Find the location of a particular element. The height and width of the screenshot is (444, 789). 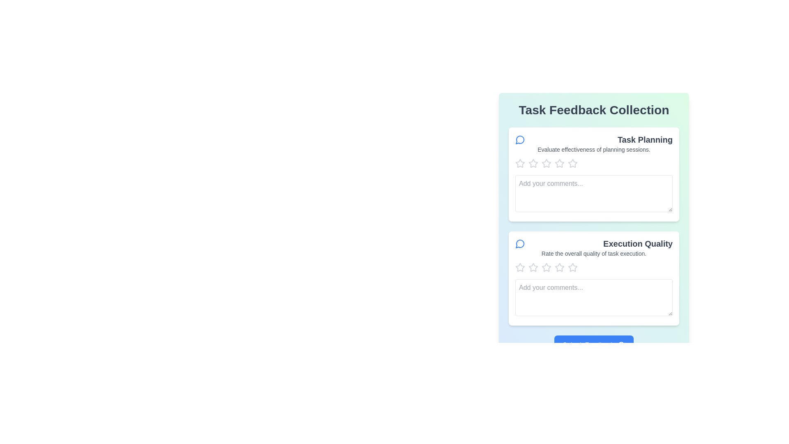

the third star icon in the five-star rating interface under 'Execution Quality' is located at coordinates (533, 268).